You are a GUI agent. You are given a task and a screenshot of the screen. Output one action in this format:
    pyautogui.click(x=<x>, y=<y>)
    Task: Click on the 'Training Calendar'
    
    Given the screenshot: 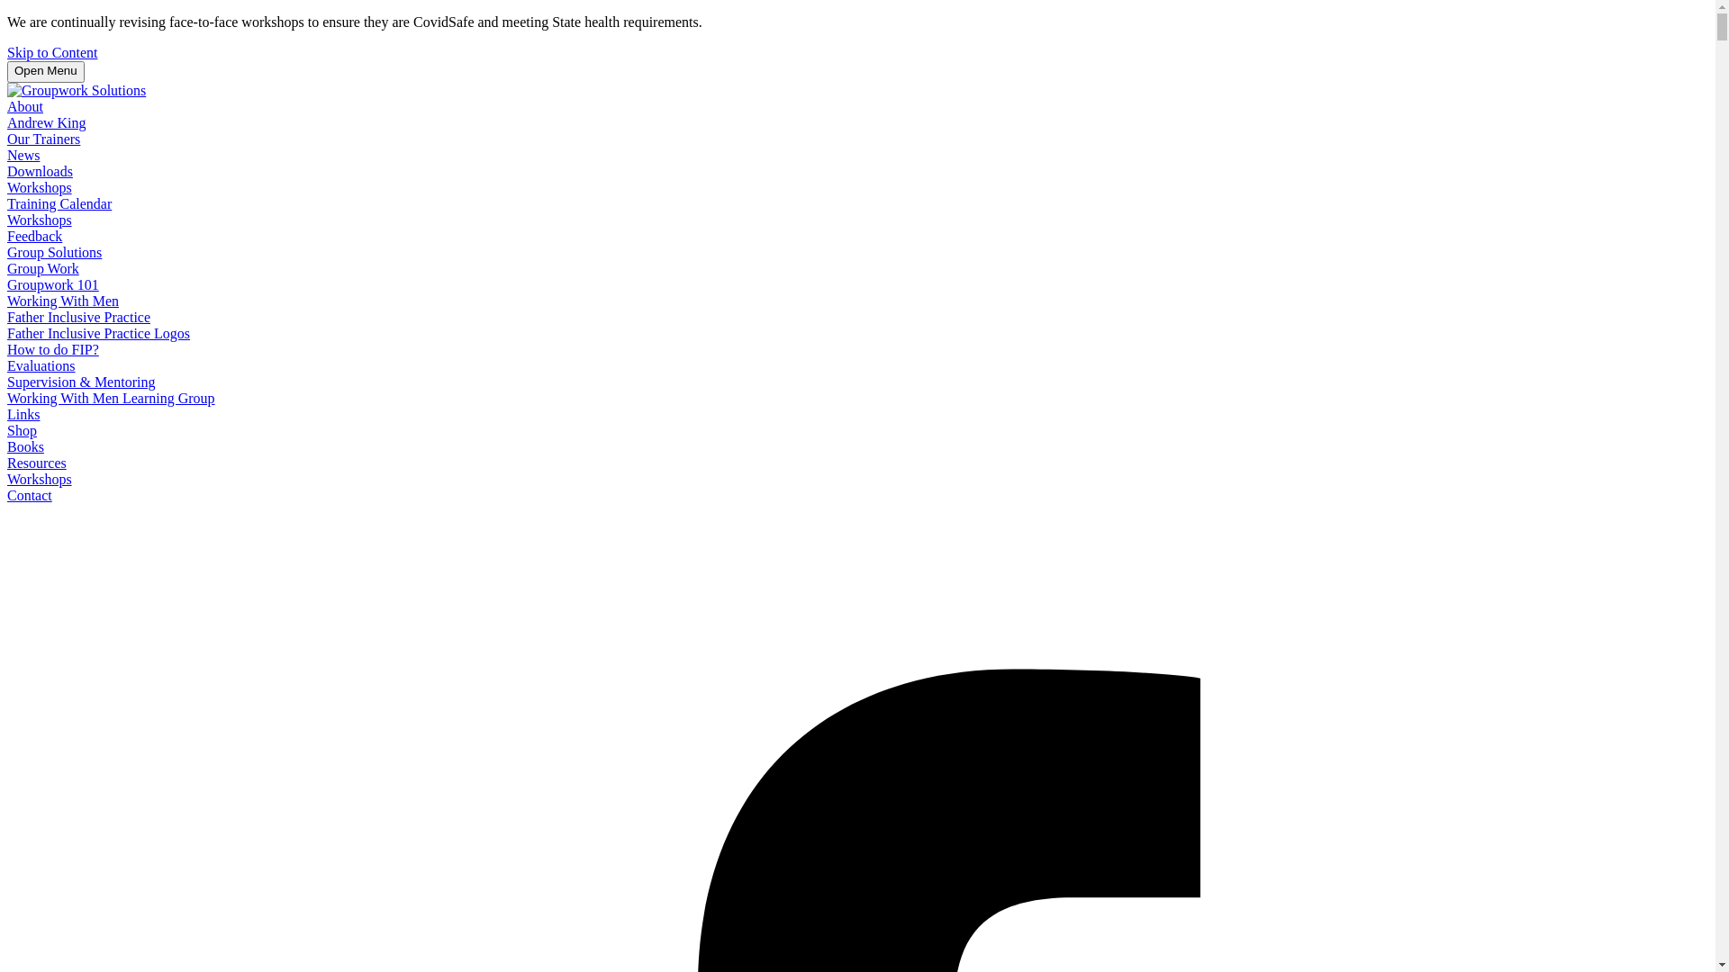 What is the action you would take?
    pyautogui.click(x=7, y=202)
    